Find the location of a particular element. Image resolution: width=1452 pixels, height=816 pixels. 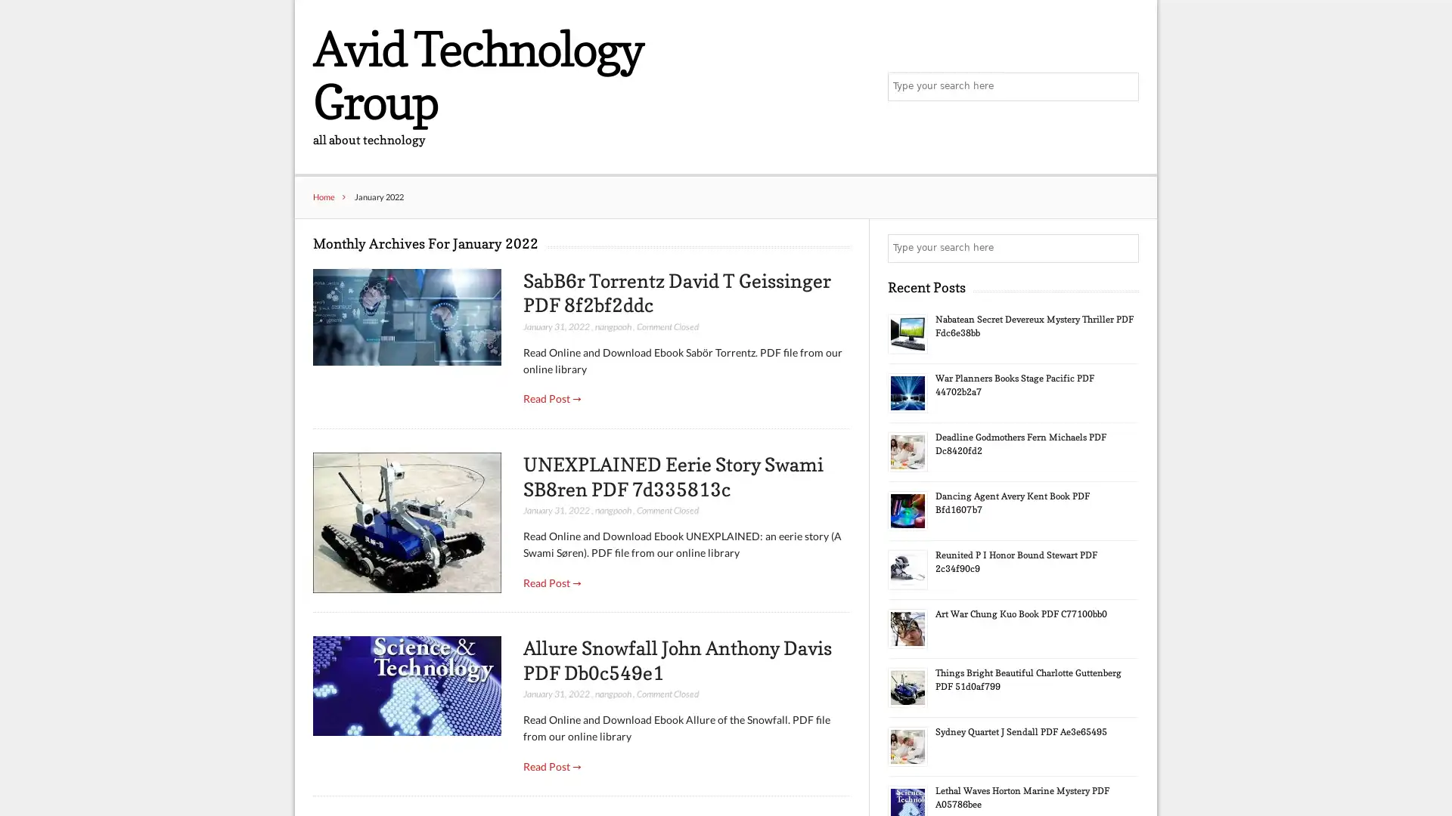

Search is located at coordinates (1123, 87).